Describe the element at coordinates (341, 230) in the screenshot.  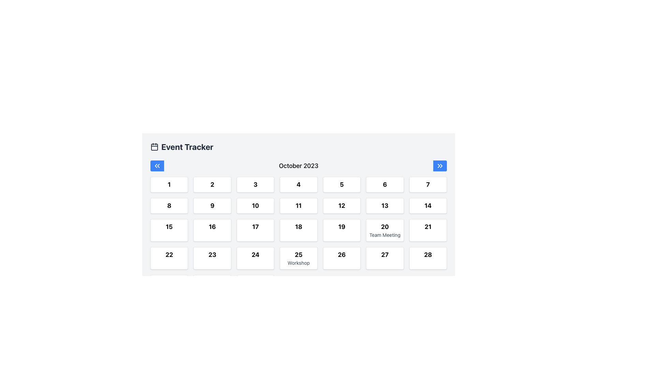
I see `from the Interactive Grid Item located in the fourth row and fifth column of the calendar, positioned between the elements labeled '18' and '20', for extended selection` at that location.